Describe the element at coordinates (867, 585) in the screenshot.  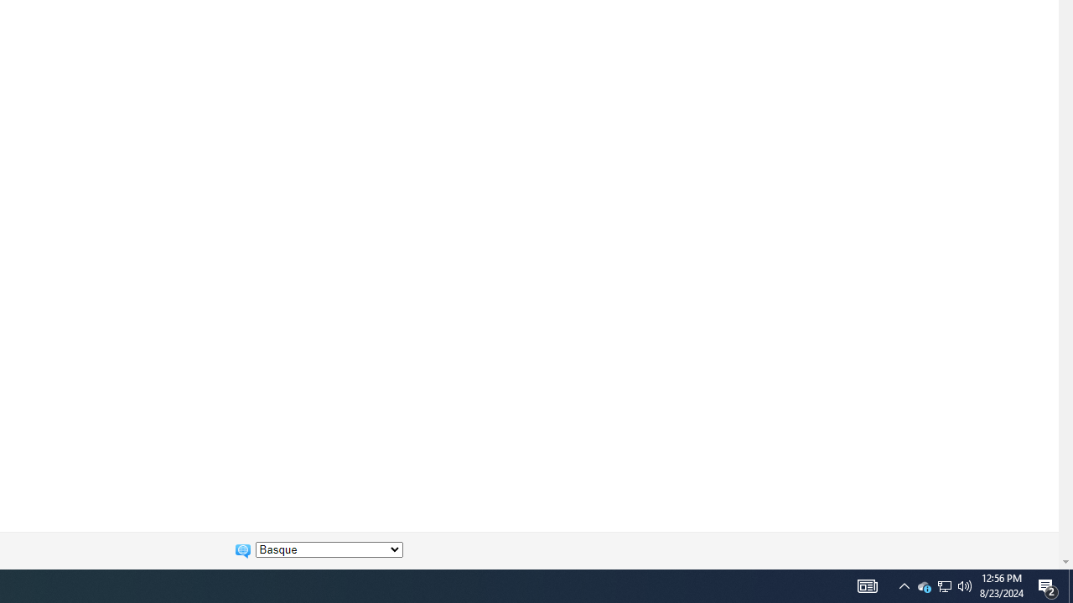
I see `'Notification Chevron'` at that location.